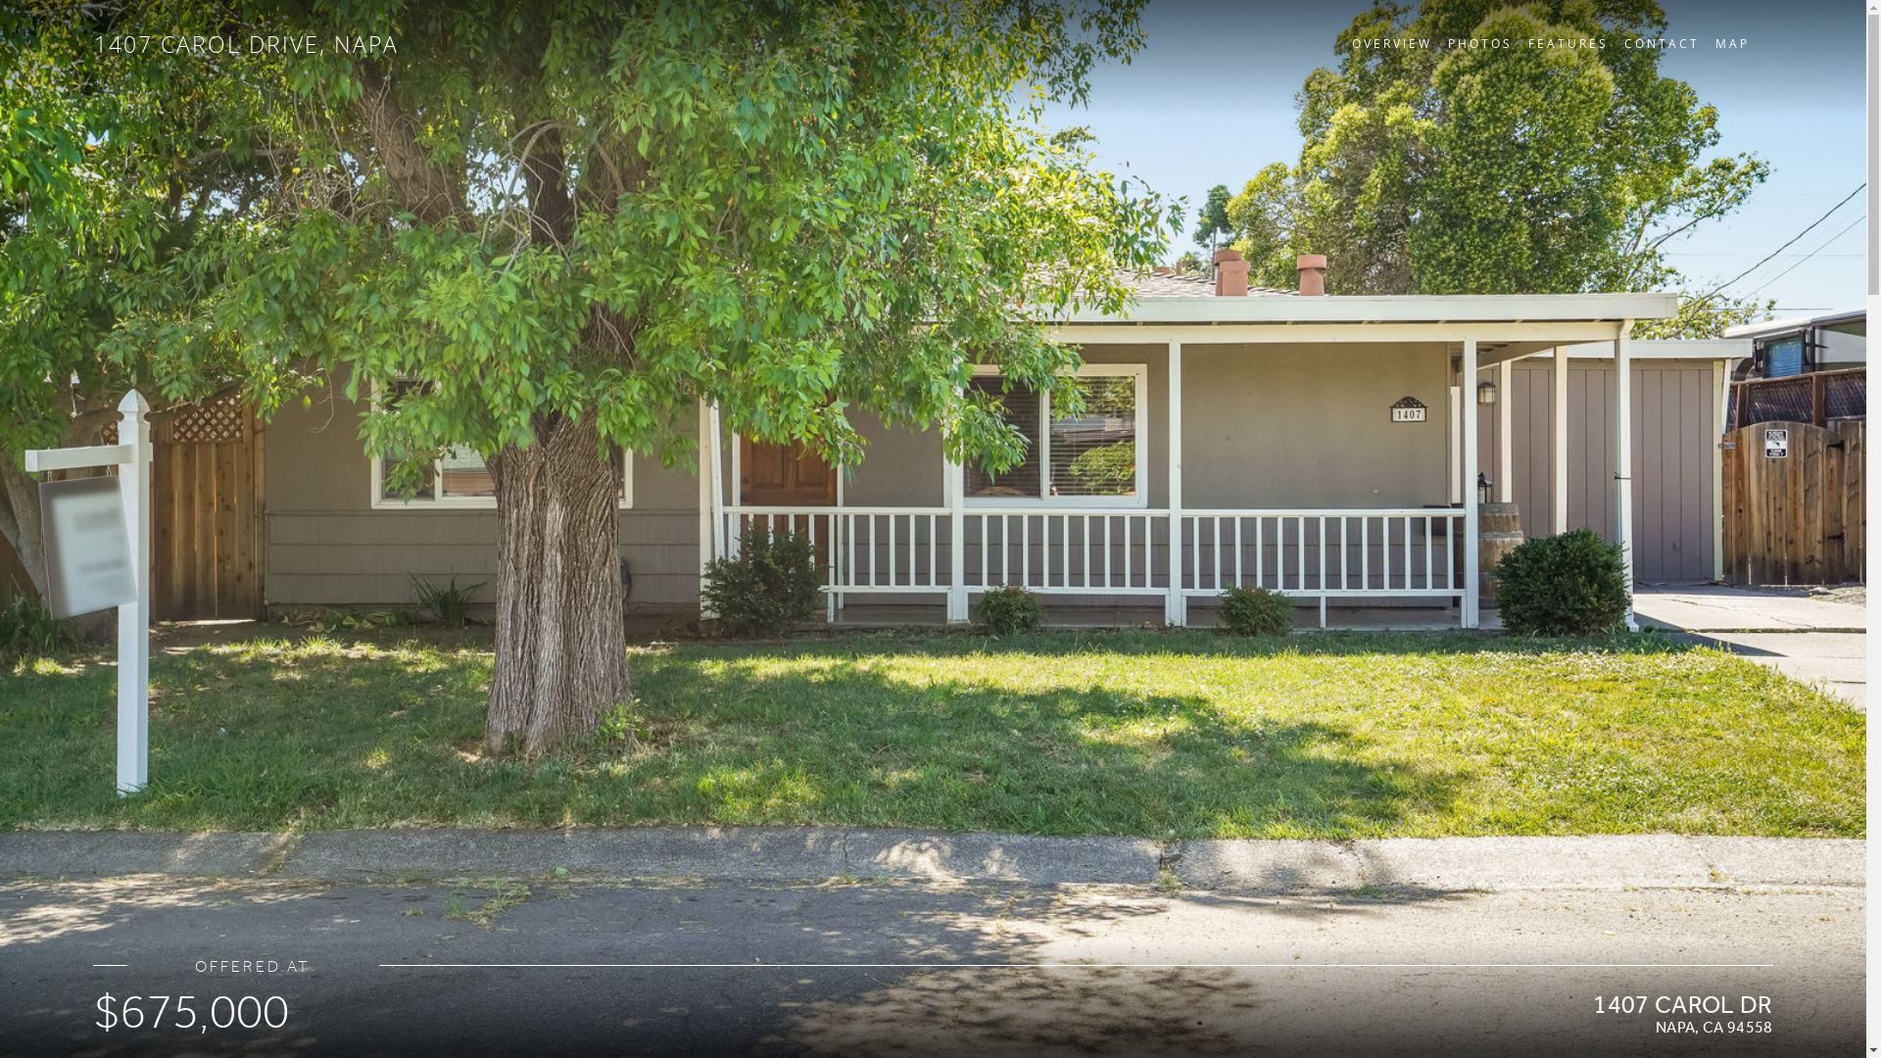 The image size is (1881, 1058). What do you see at coordinates (1732, 43) in the screenshot?
I see `'MAP'` at bounding box center [1732, 43].